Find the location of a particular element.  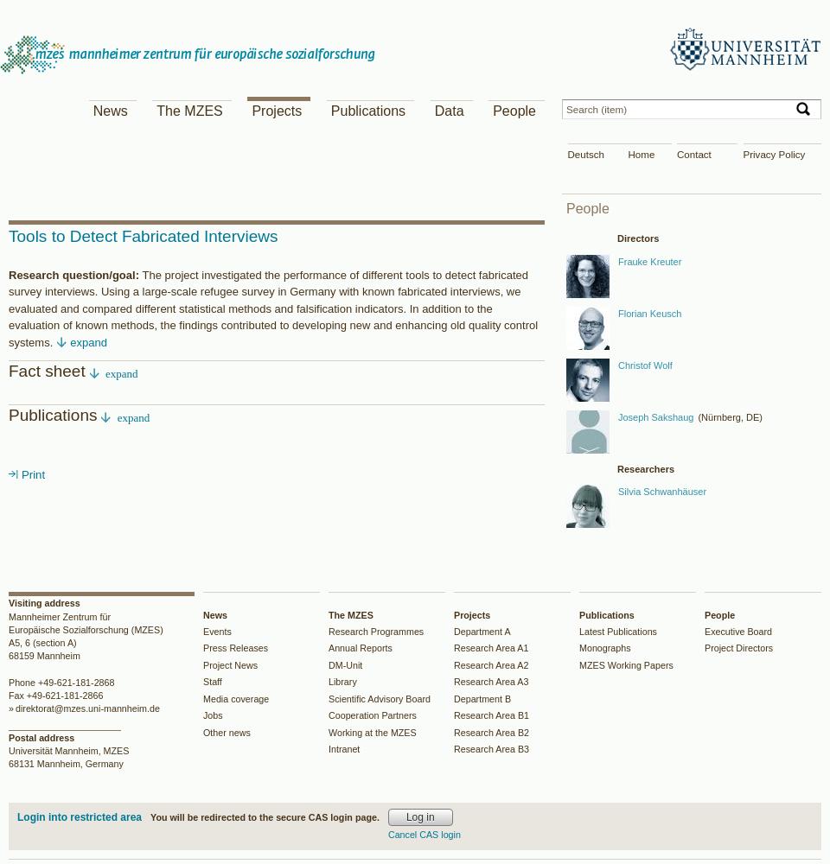

'You will be redirected to the secure CAS login page.' is located at coordinates (264, 816).